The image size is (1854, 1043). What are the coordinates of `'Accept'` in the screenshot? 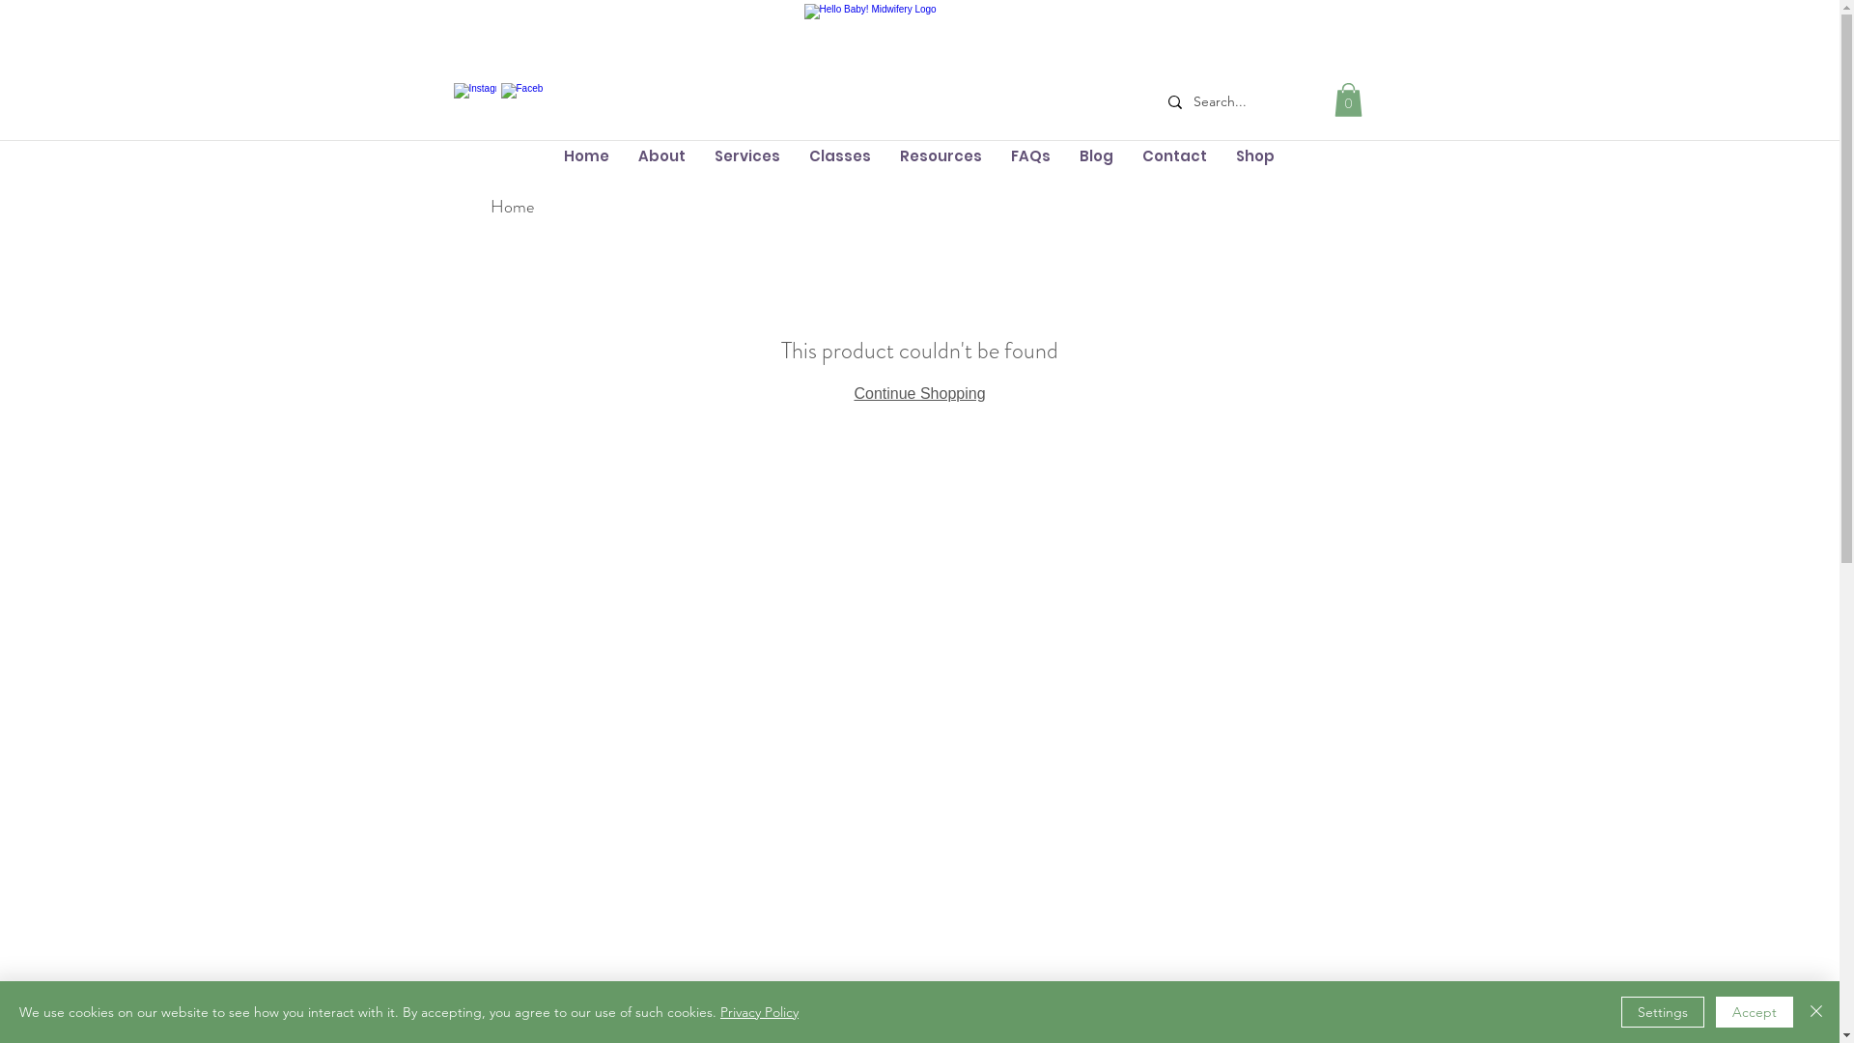 It's located at (1715, 1011).